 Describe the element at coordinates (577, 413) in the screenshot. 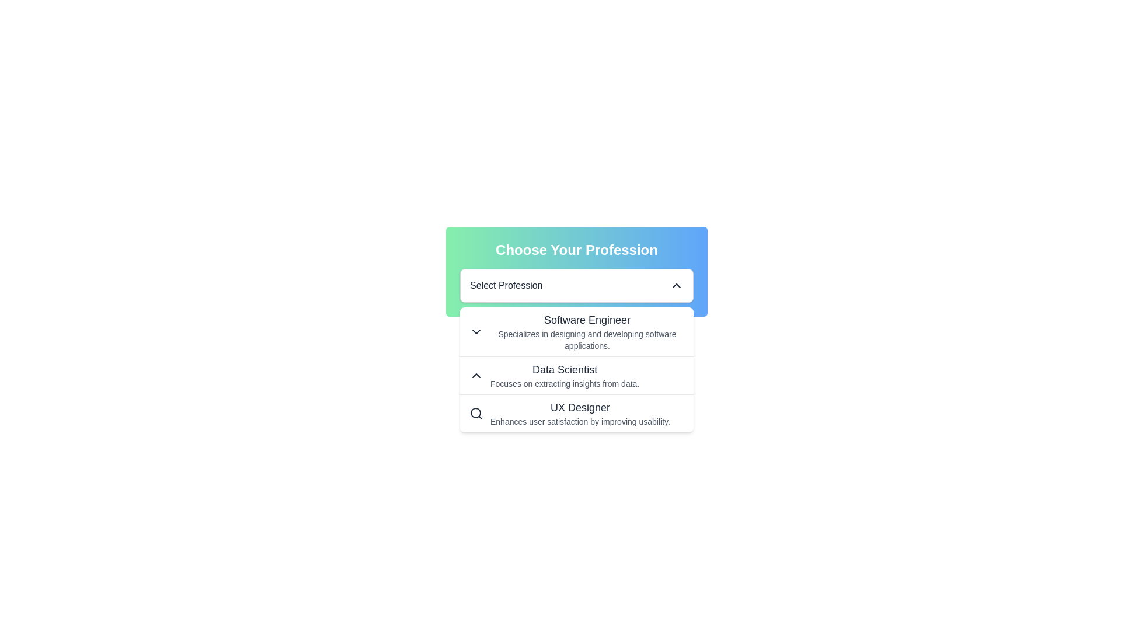

I see `the third option in the profession-selection dropdown menu` at that location.